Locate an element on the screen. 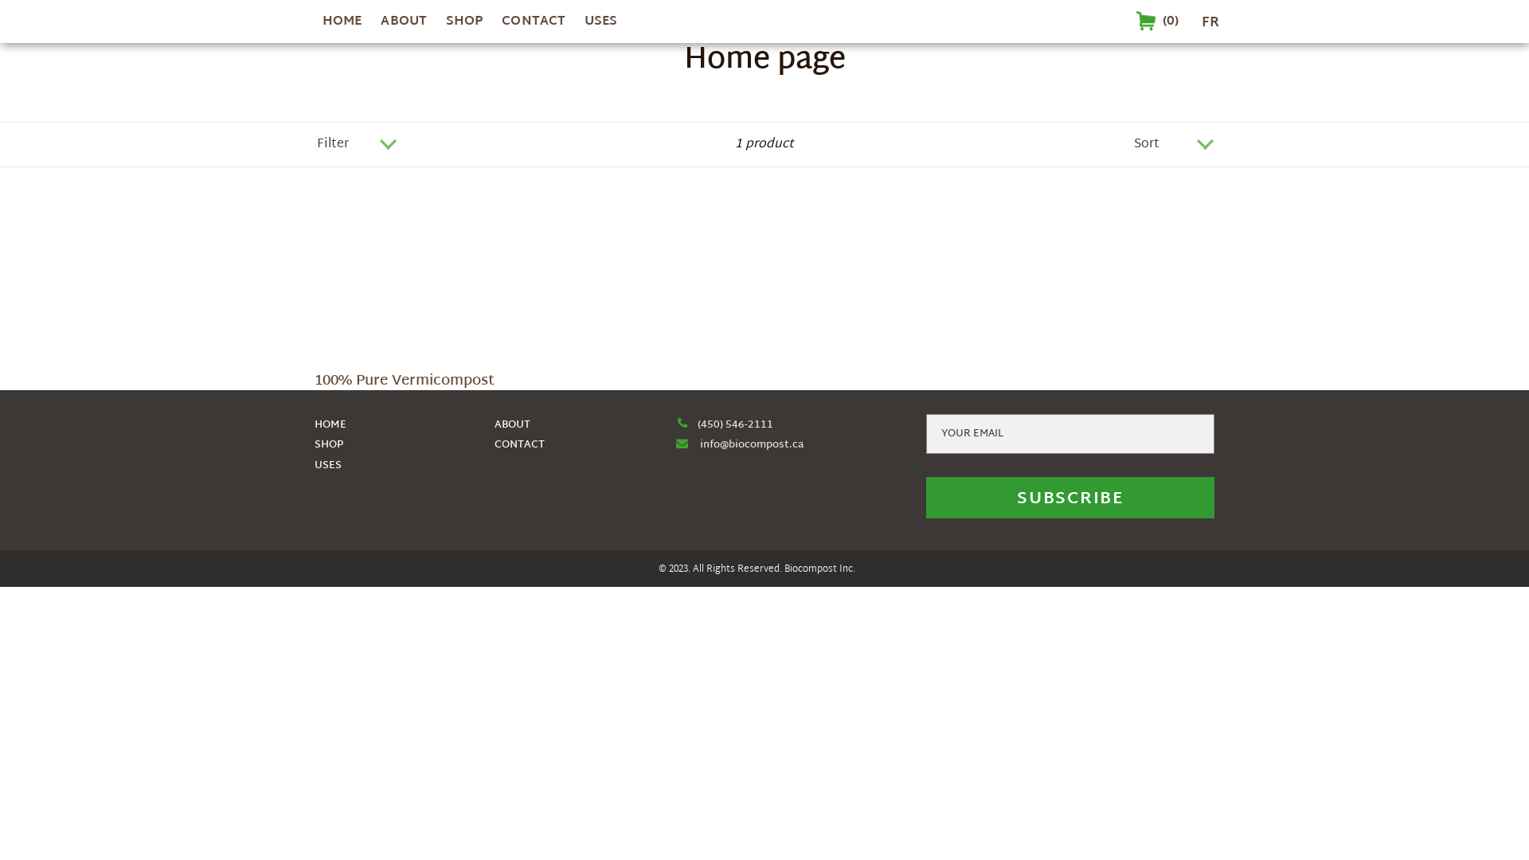  'USES' is located at coordinates (327, 466).